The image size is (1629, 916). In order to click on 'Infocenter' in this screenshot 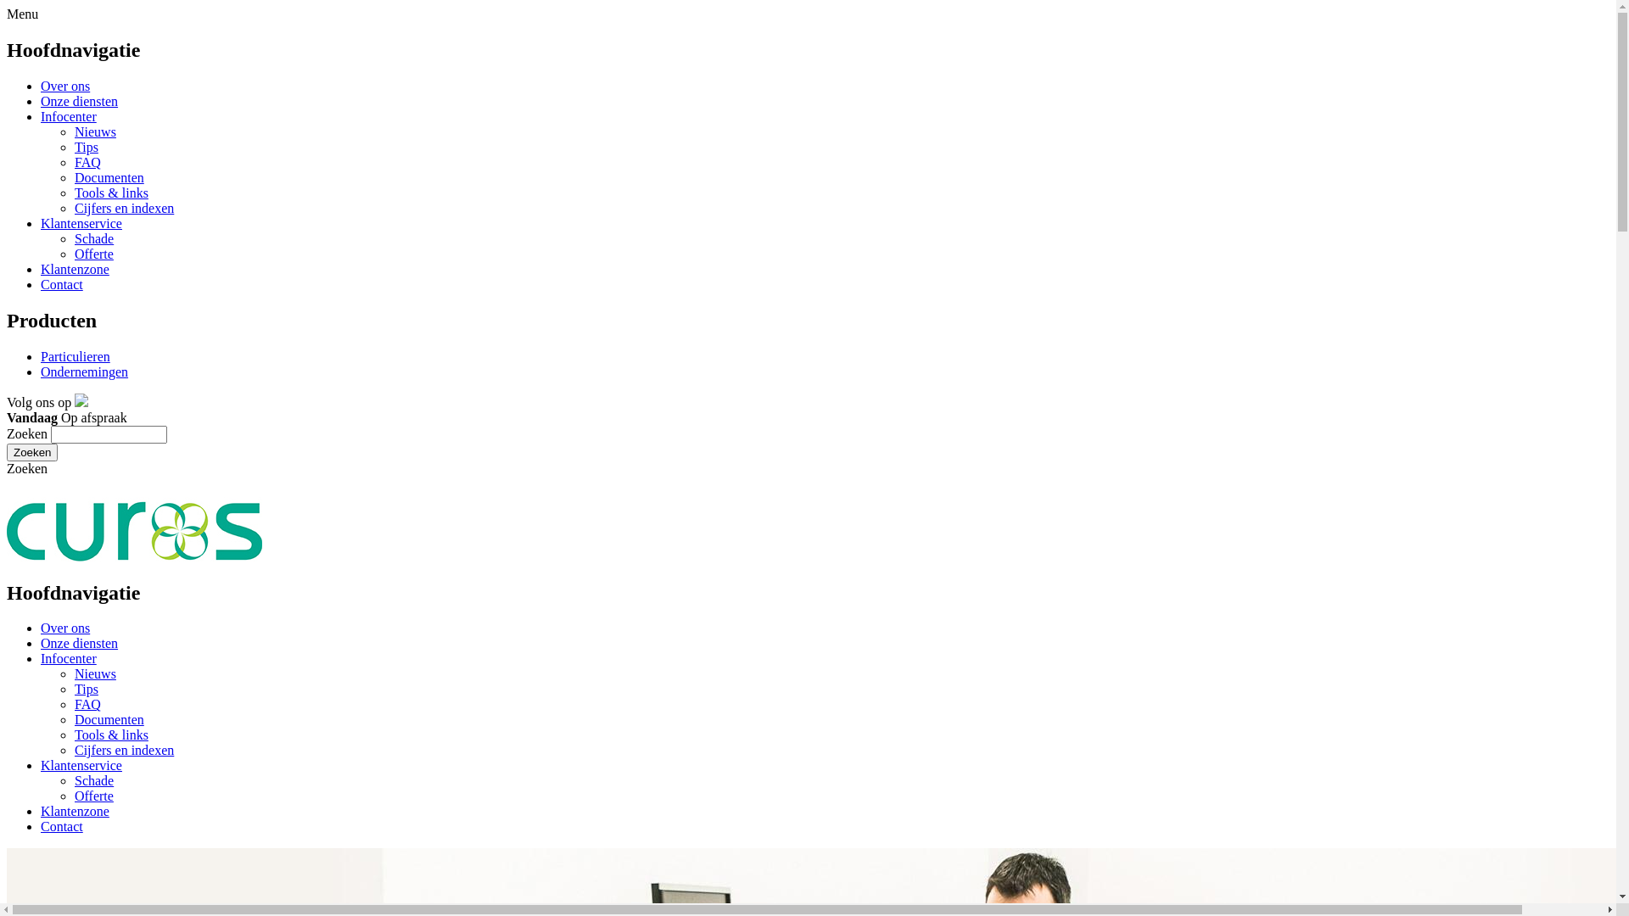, I will do `click(68, 657)`.